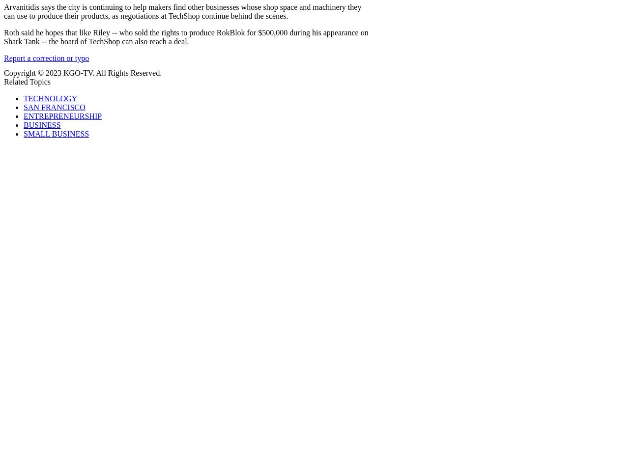  What do you see at coordinates (42, 124) in the screenshot?
I see `'BUSINESS'` at bounding box center [42, 124].